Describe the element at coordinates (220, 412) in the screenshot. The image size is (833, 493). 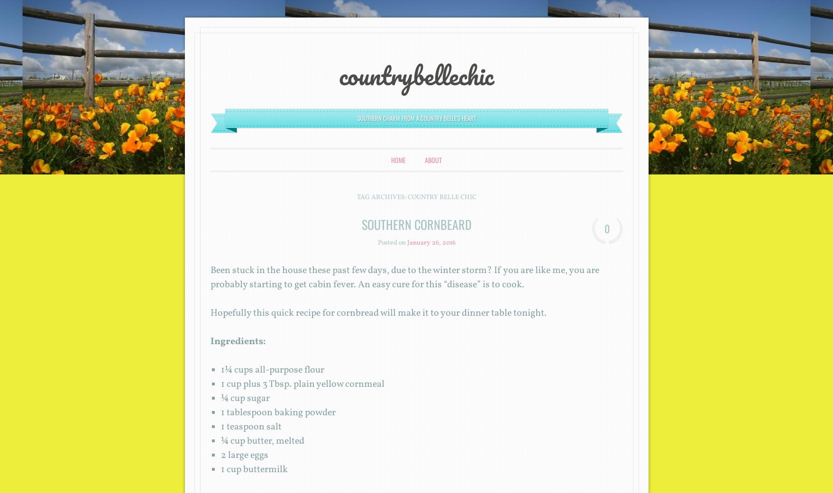
I see `'1 tablespoon baking powder'` at that location.